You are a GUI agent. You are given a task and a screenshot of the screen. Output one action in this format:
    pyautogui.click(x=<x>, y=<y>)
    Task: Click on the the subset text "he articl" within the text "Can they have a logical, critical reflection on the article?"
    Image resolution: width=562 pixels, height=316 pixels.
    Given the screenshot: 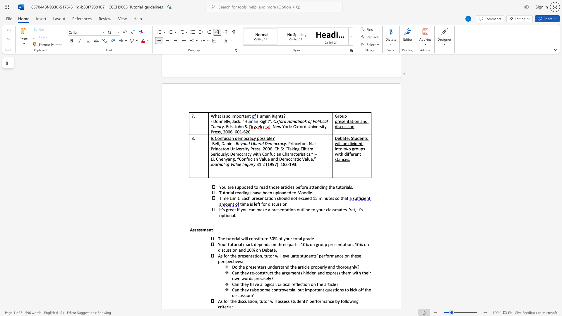 What is the action you would take?
    pyautogui.click(x=318, y=284)
    